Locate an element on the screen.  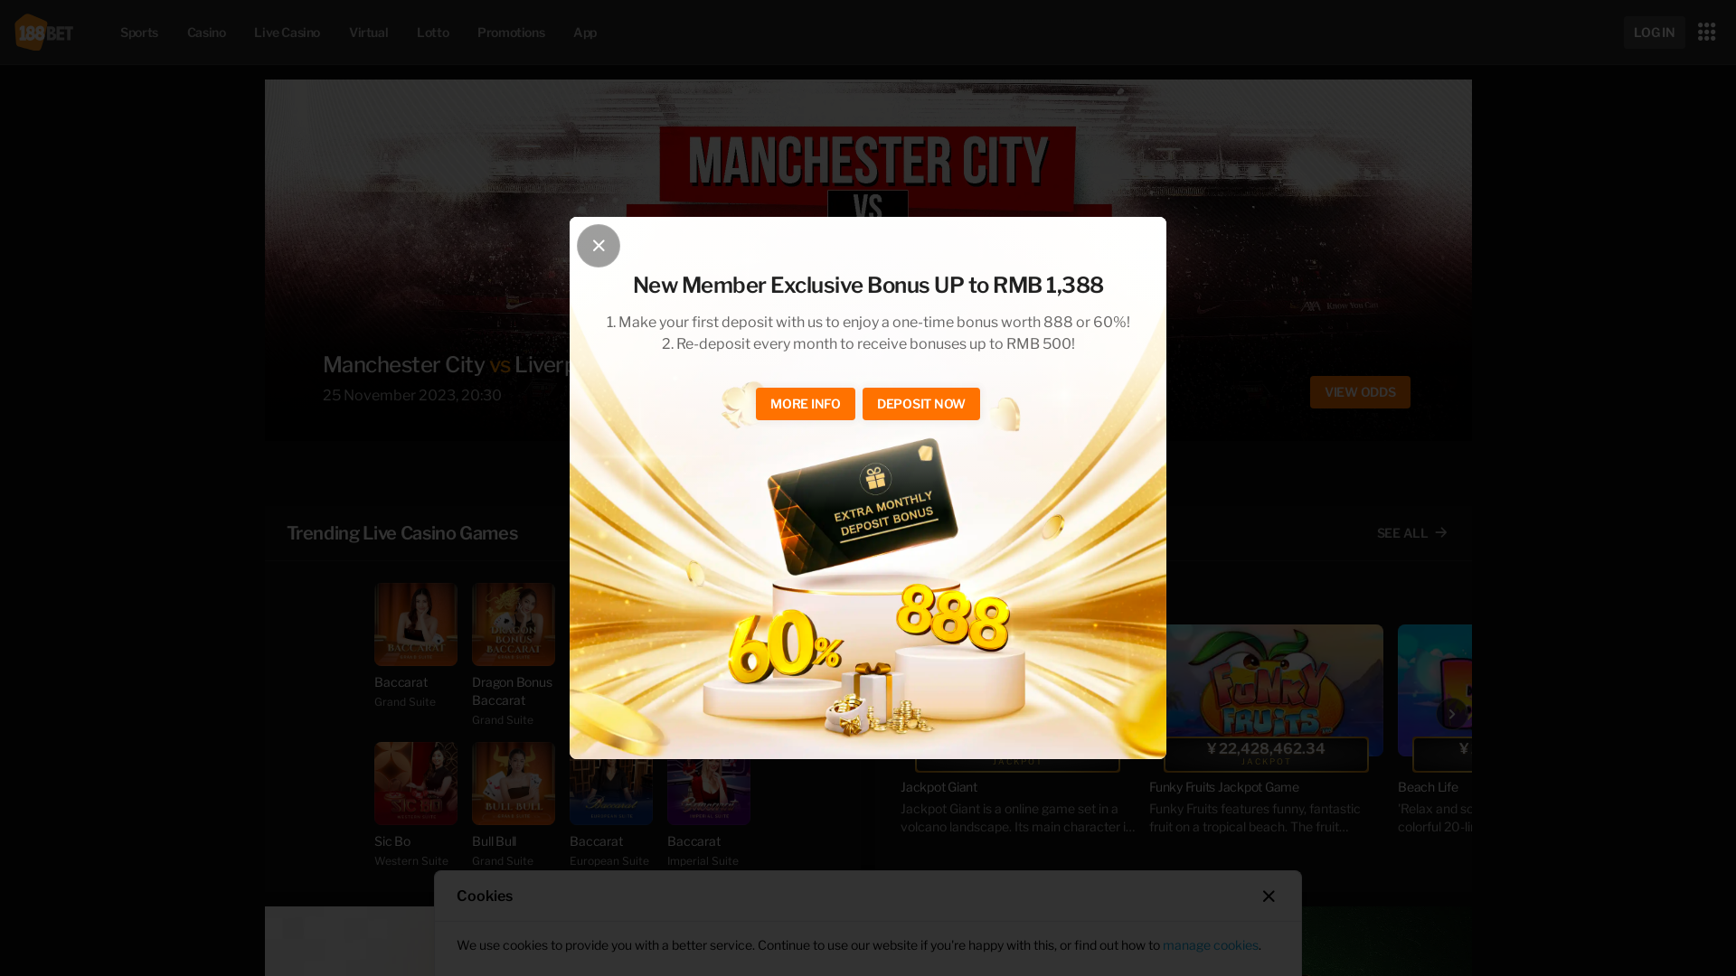
'Virtual' is located at coordinates (367, 31).